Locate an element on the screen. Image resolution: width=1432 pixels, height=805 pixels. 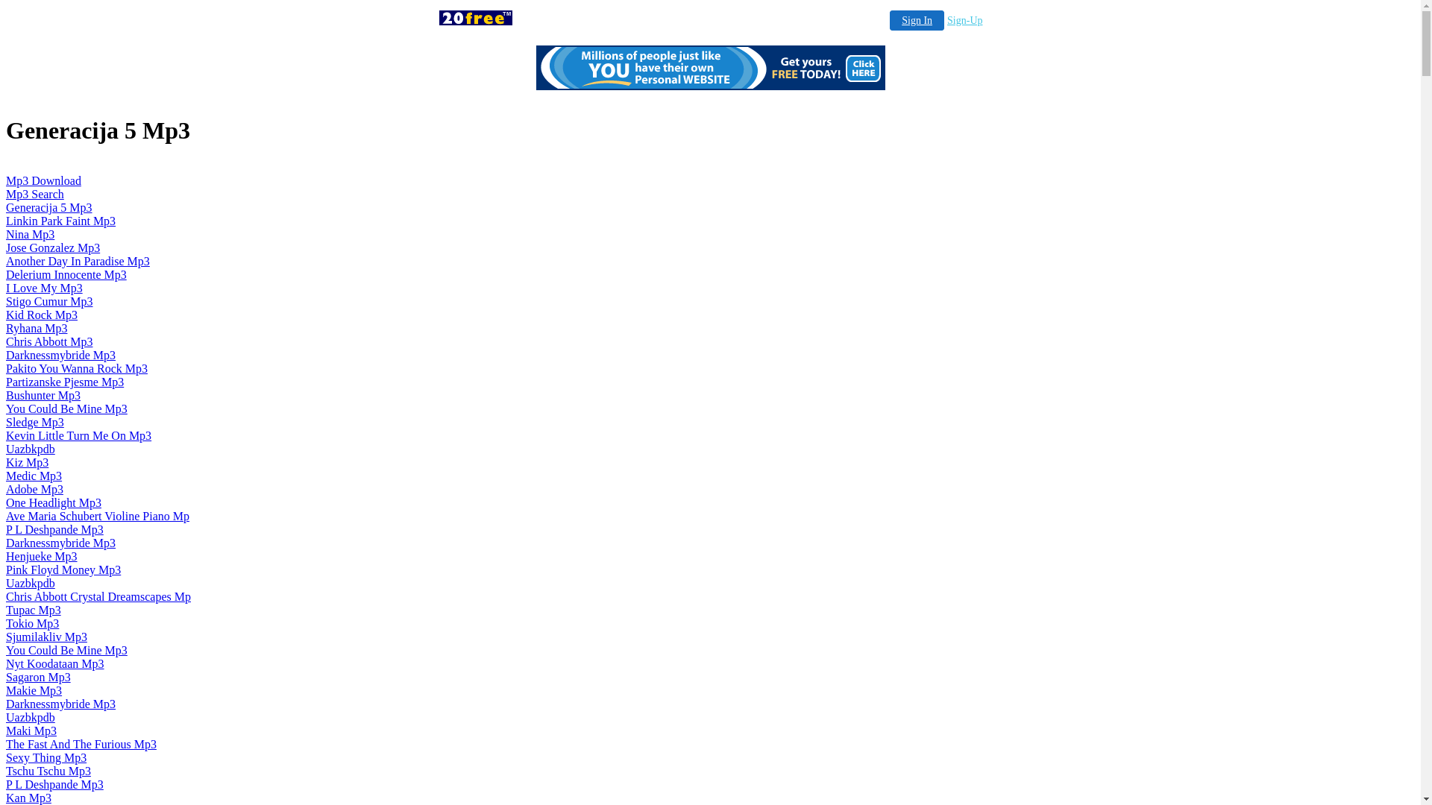
'Uazbkpdb' is located at coordinates (6, 448).